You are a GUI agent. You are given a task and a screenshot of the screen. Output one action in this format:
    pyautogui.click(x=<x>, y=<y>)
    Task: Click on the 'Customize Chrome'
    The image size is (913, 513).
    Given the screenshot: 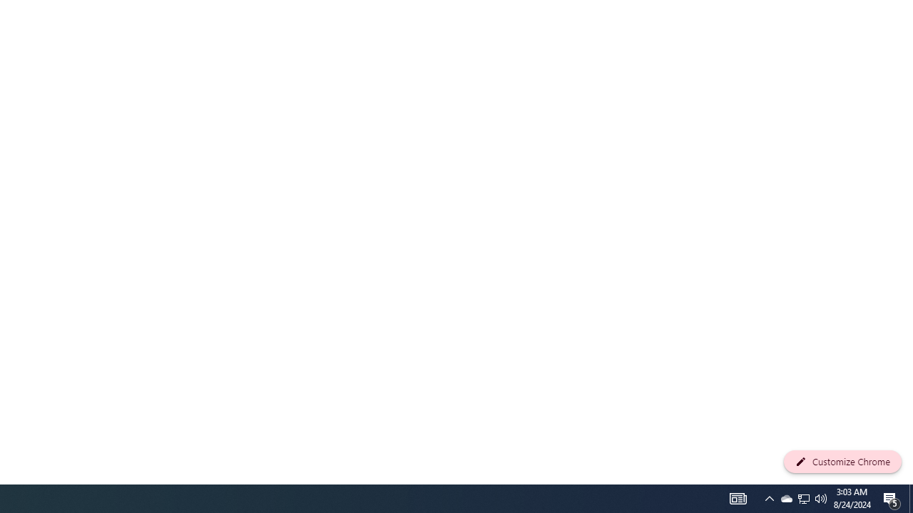 What is the action you would take?
    pyautogui.click(x=842, y=462)
    